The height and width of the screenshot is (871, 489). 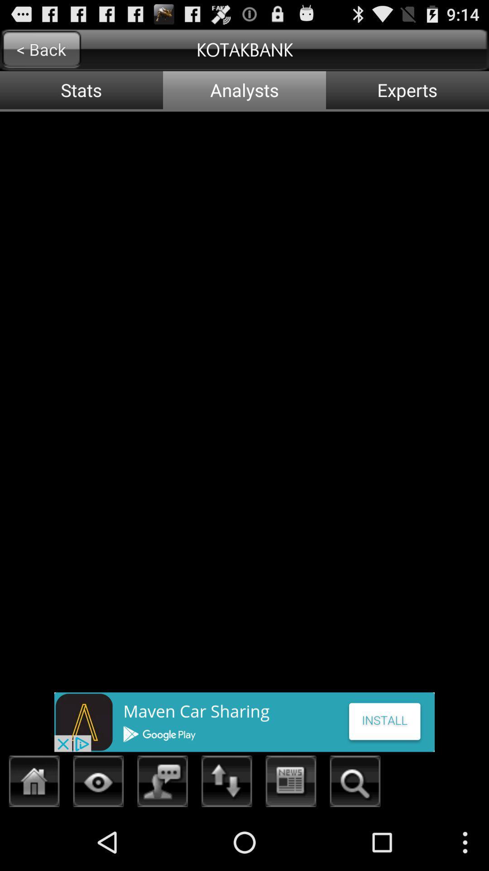 I want to click on the home icon, so click(x=34, y=838).